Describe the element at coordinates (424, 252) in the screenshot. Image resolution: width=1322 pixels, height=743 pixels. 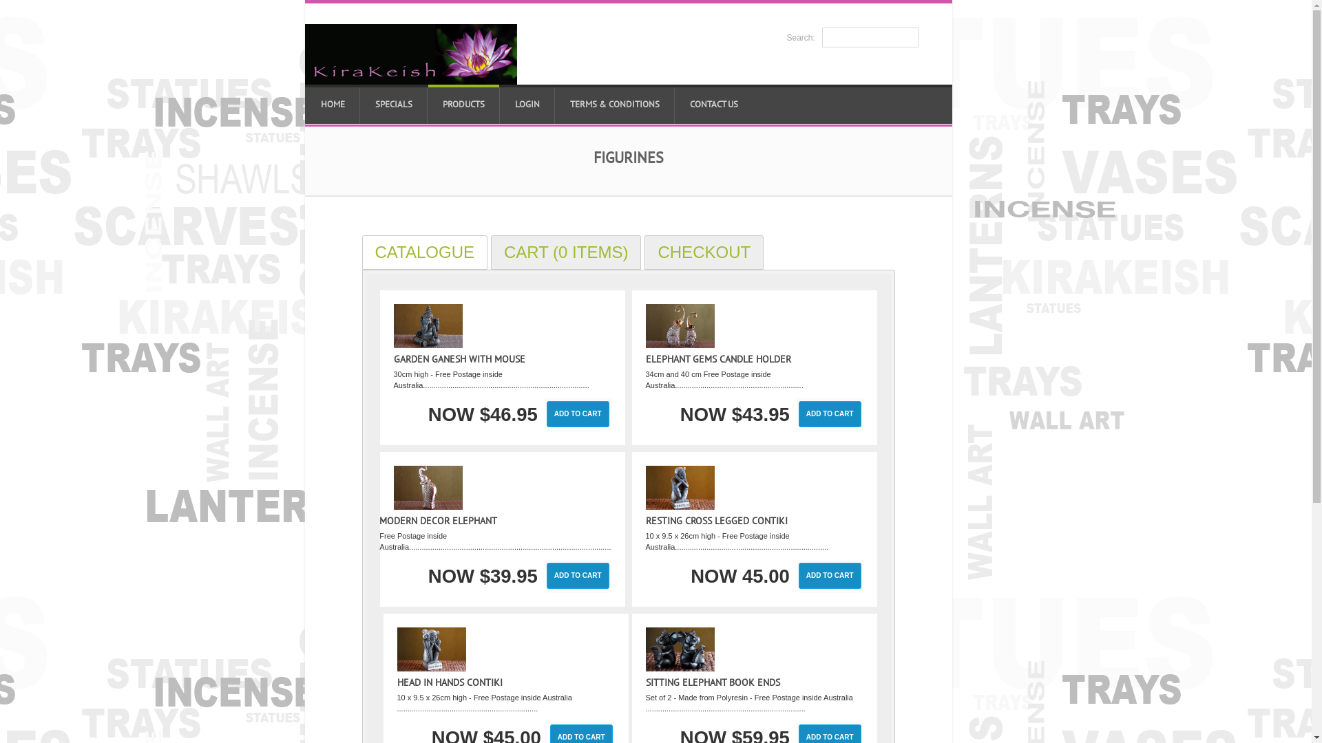
I see `'CATALOGUE'` at that location.